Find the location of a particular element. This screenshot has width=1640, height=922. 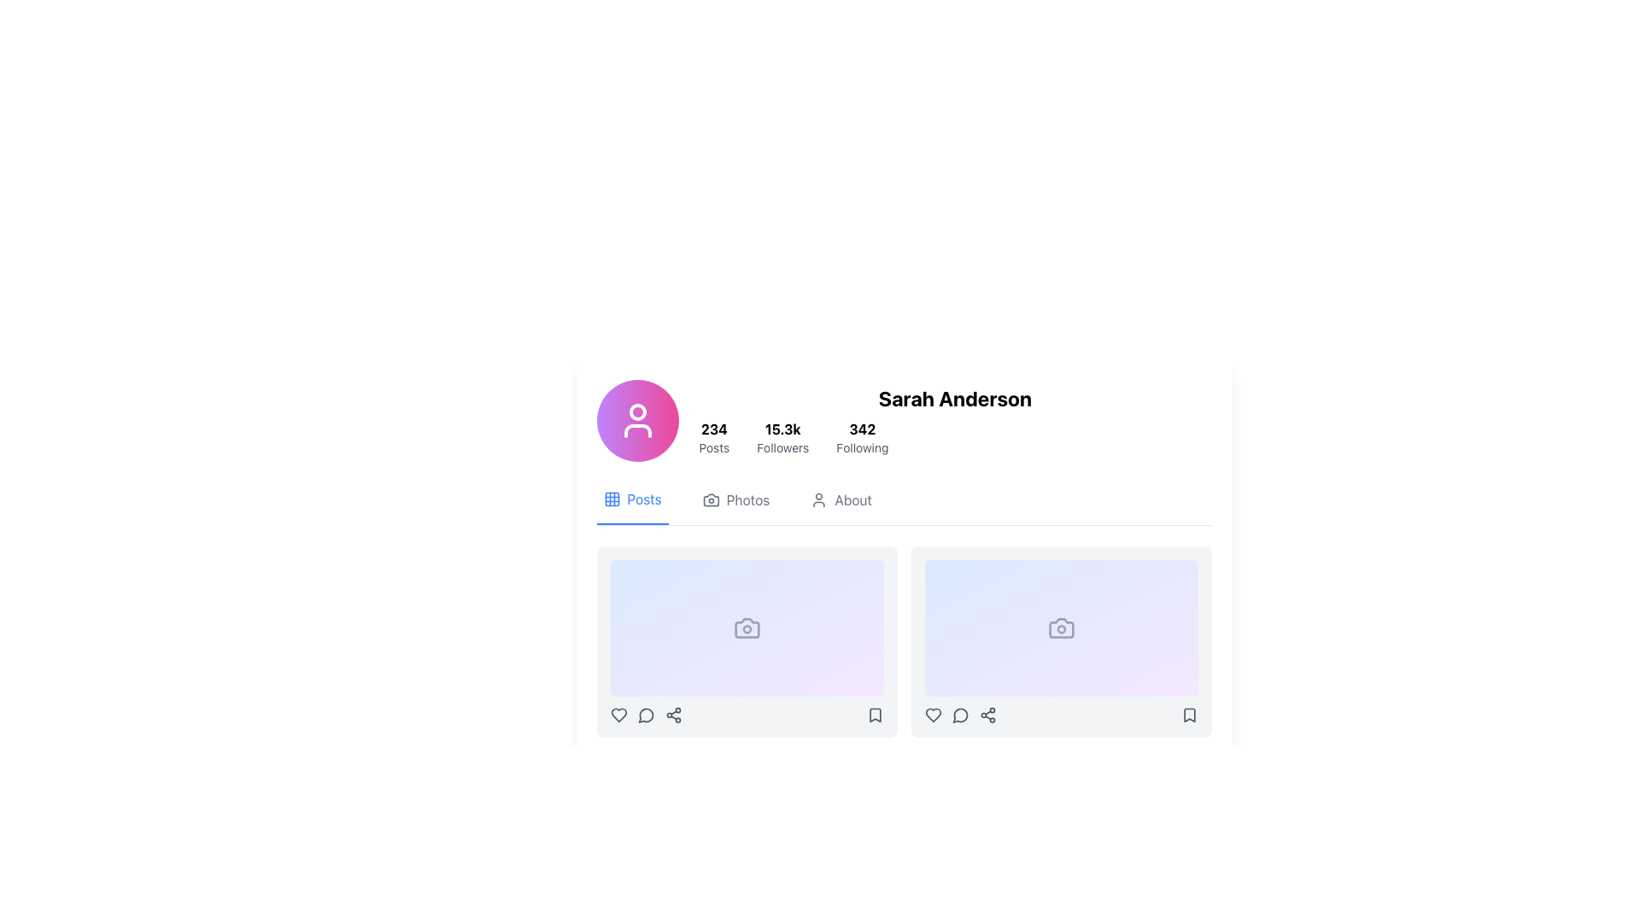

the 'Photos' button in the navigation bar is located at coordinates (736, 506).